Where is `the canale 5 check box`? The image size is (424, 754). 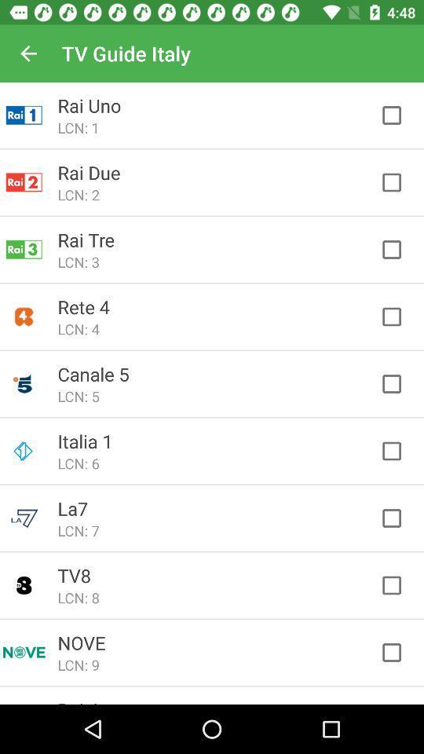
the canale 5 check box is located at coordinates (400, 383).